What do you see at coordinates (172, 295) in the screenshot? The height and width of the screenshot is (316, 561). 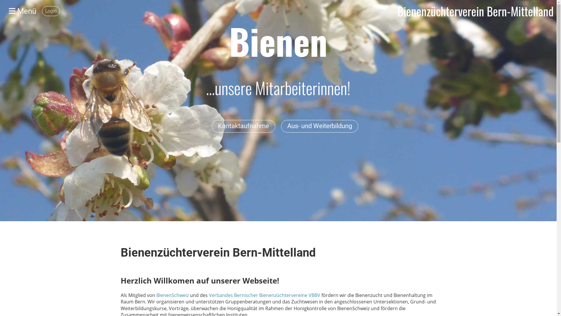 I see `'BienenSchweiz'` at bounding box center [172, 295].